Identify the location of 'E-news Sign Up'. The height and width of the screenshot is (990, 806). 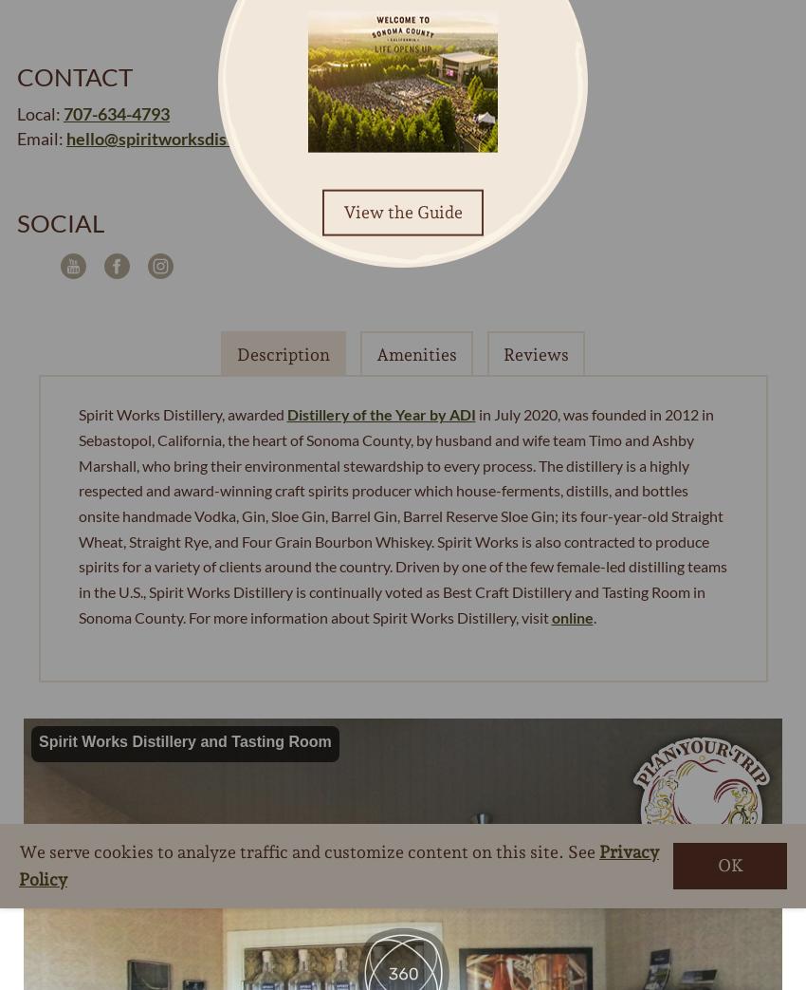
(354, 884).